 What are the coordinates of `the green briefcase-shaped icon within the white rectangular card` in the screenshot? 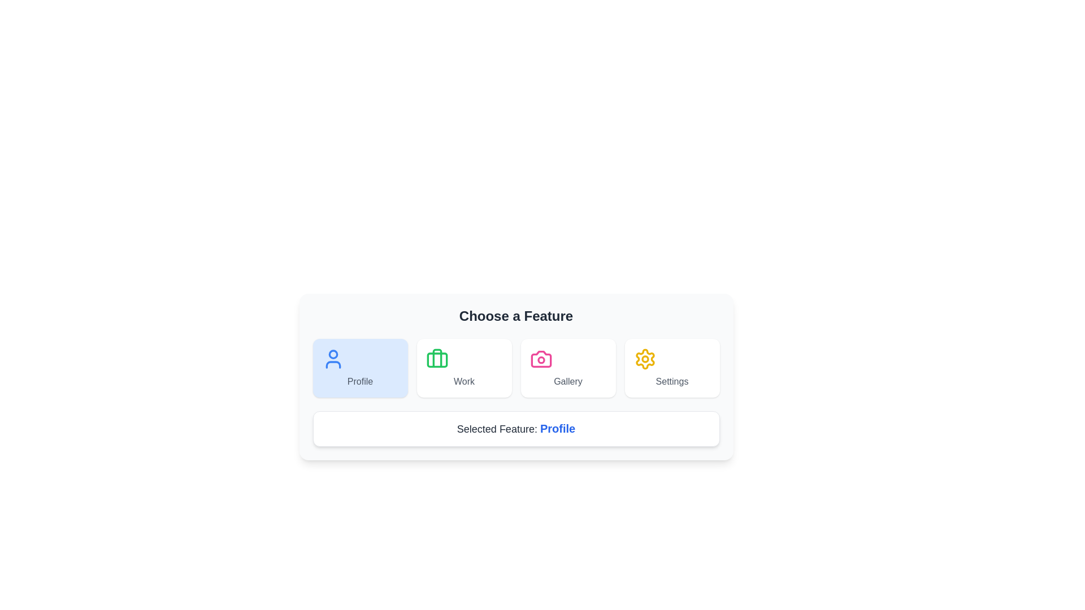 It's located at (436, 359).